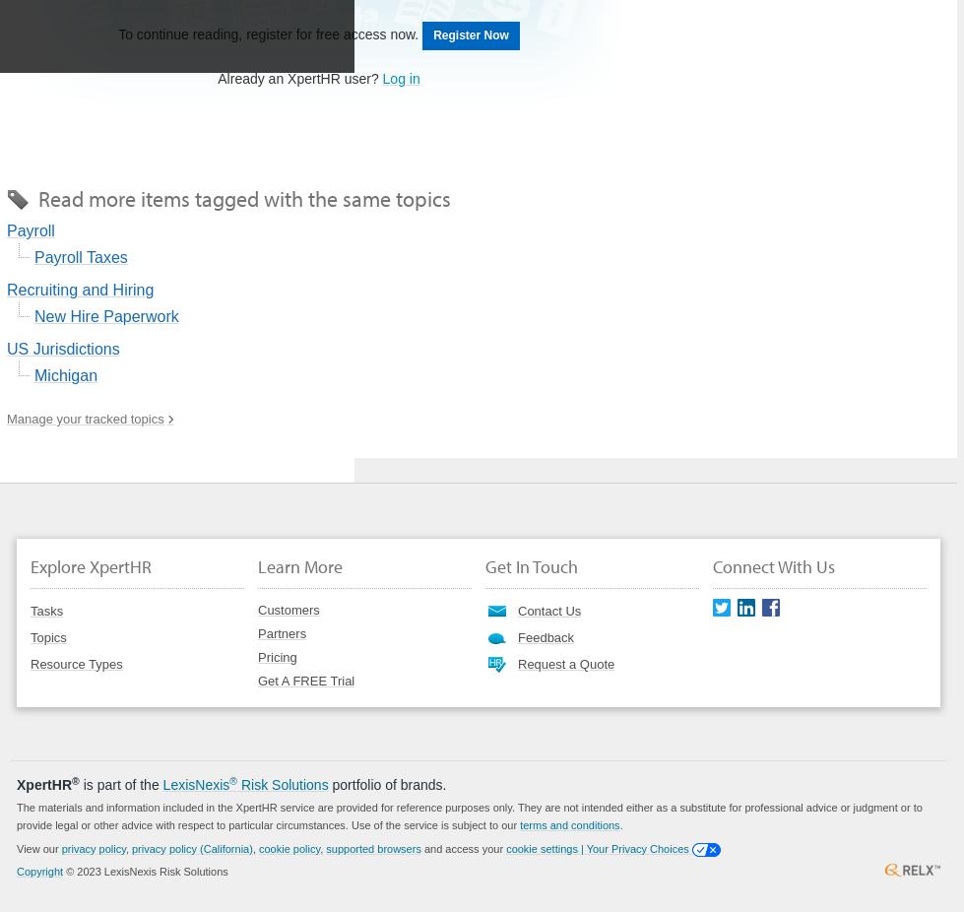 This screenshot has height=912, width=964. Describe the element at coordinates (372, 847) in the screenshot. I see `'supported browsers'` at that location.